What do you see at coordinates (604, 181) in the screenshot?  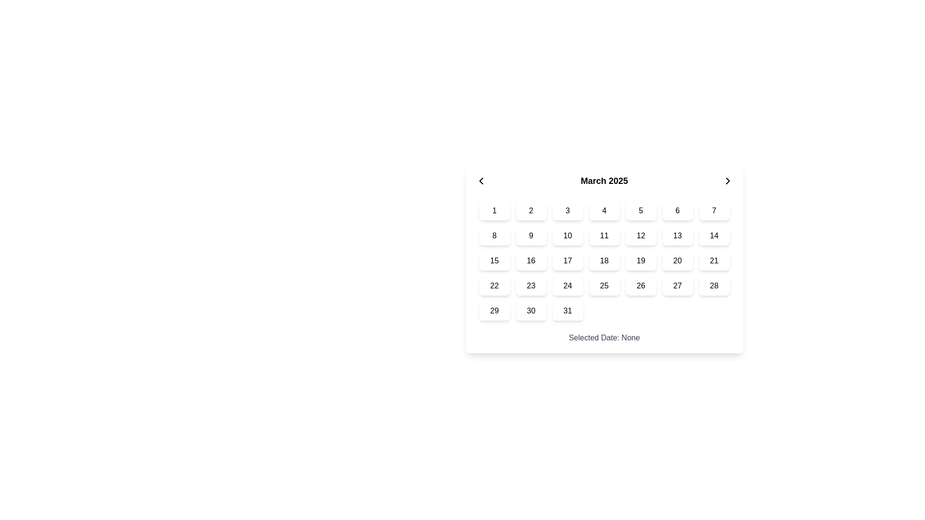 I see `the text label that indicates the currently displayed month and year in the calendar, which is centered in the header between two arrow buttons` at bounding box center [604, 181].